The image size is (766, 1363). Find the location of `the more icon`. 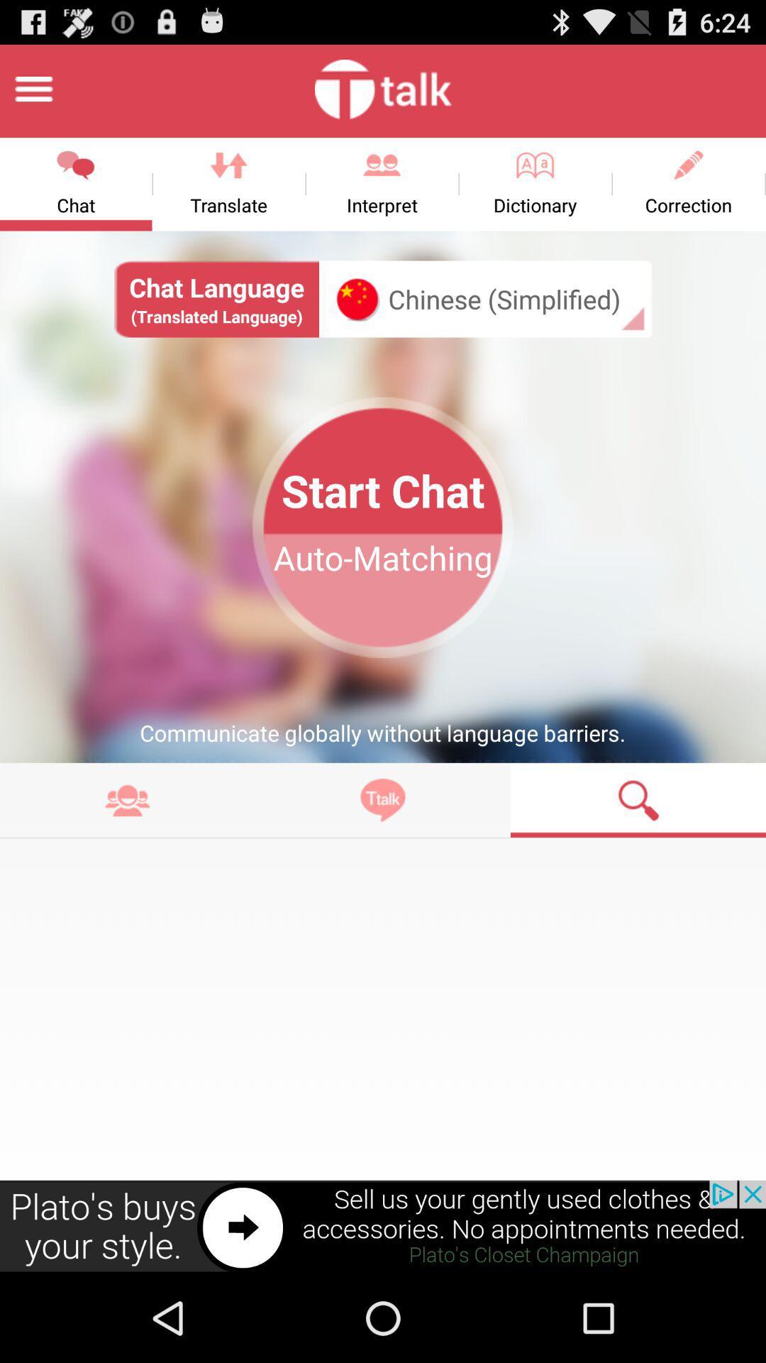

the more icon is located at coordinates (128, 855).